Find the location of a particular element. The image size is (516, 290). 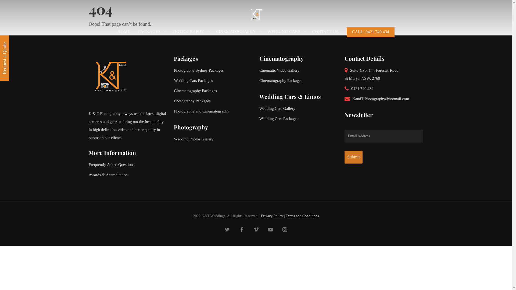

'Photography Sydney Packages' is located at coordinates (213, 70).